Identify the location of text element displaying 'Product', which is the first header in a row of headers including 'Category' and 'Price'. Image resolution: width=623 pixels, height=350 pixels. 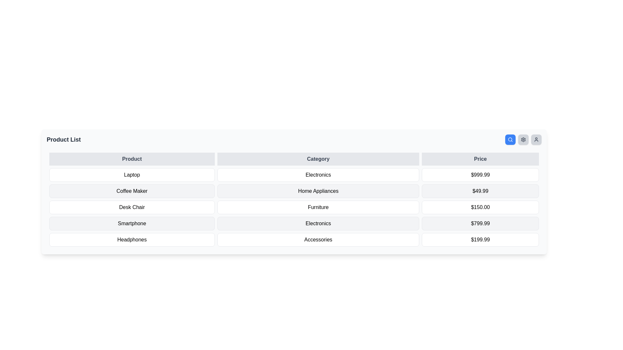
(131, 159).